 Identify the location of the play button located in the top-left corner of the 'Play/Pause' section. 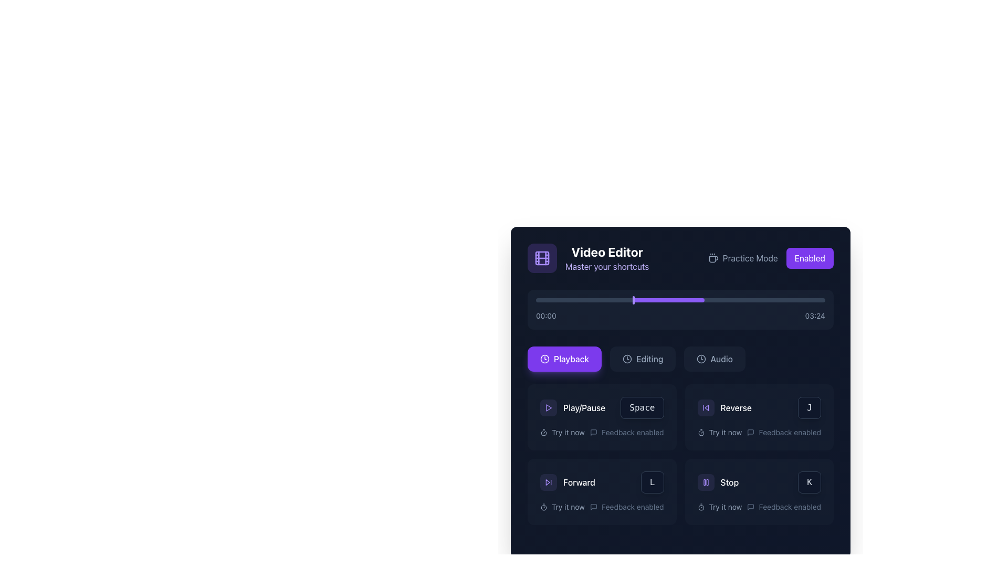
(548, 407).